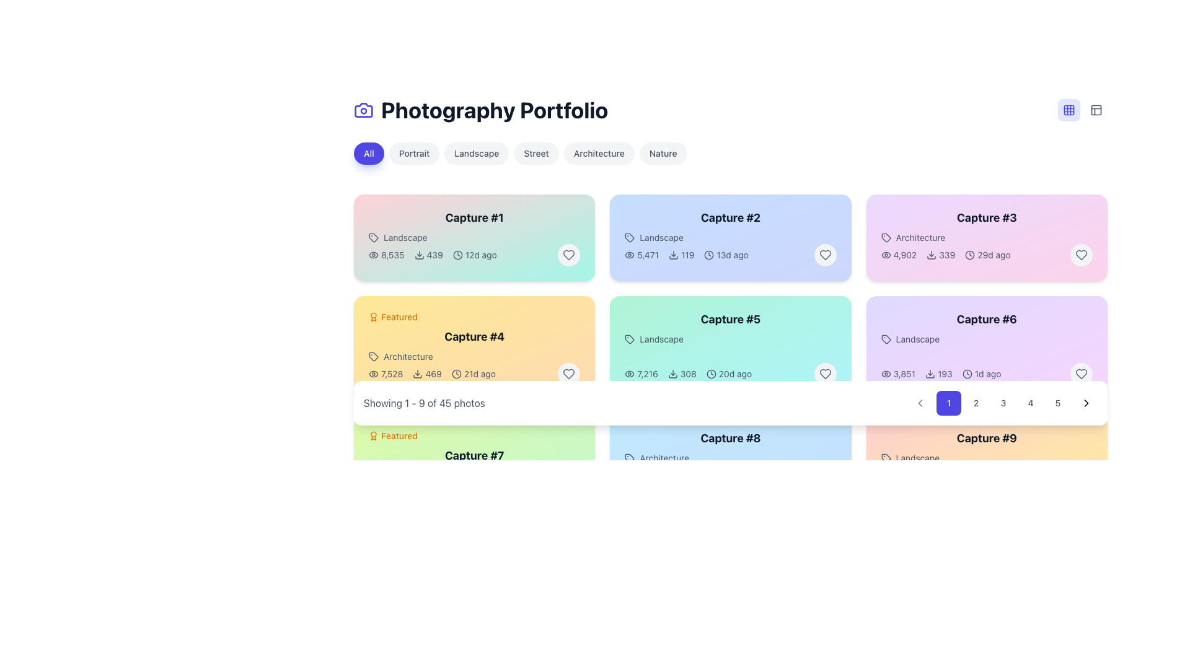  I want to click on text of the title label located in the top-right card of a 3x3 grid, which serves as the header for the associated photo or category, so click(986, 217).